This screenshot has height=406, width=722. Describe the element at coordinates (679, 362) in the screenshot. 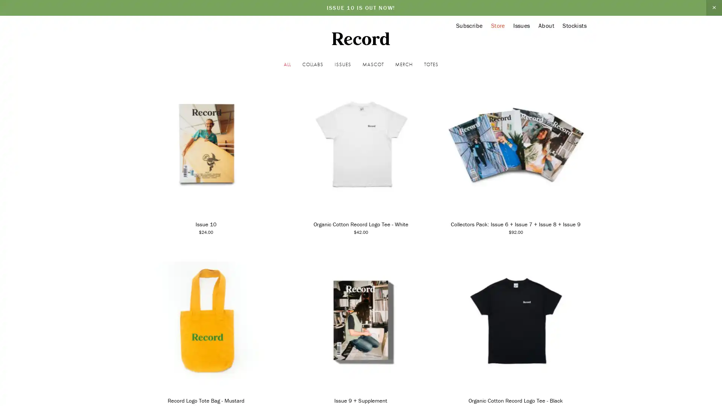

I see `Sign Up` at that location.